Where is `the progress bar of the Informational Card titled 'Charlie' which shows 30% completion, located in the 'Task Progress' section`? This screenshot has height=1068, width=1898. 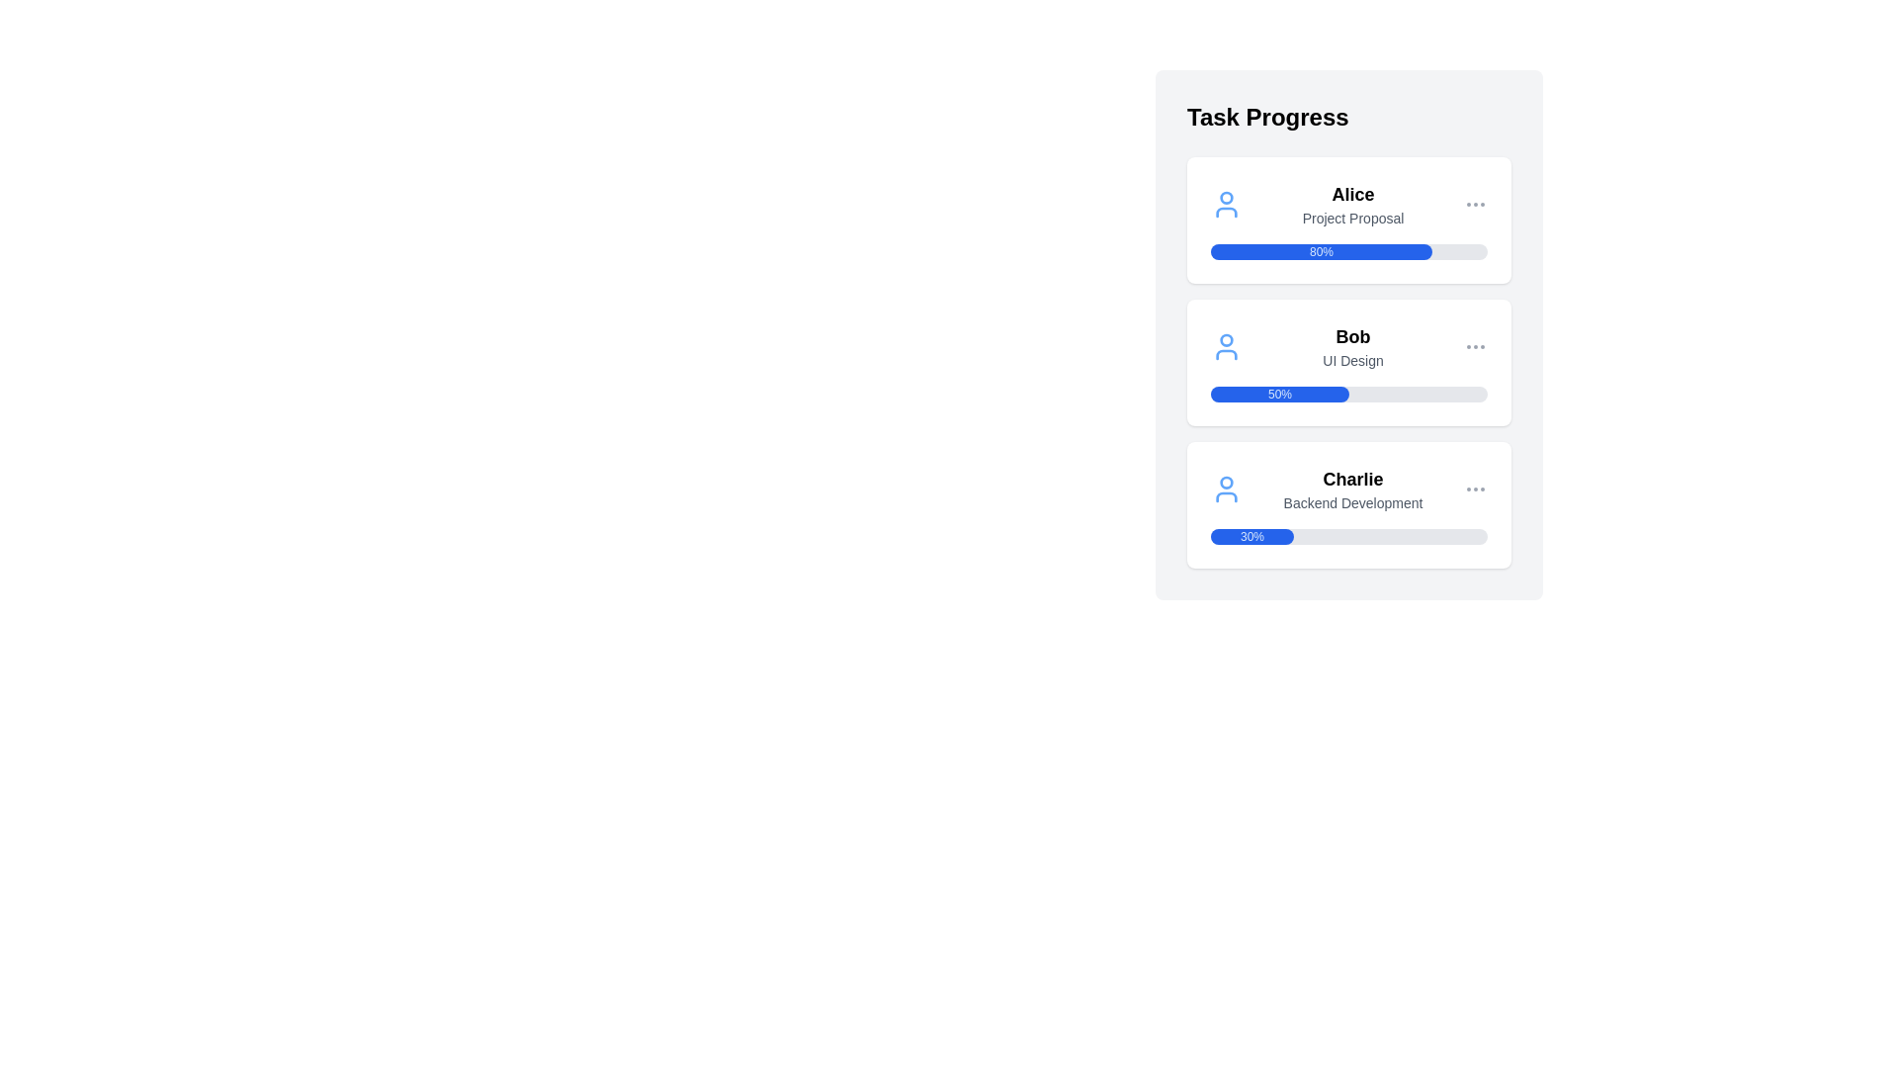
the progress bar of the Informational Card titled 'Charlie' which shows 30% completion, located in the 'Task Progress' section is located at coordinates (1347, 503).